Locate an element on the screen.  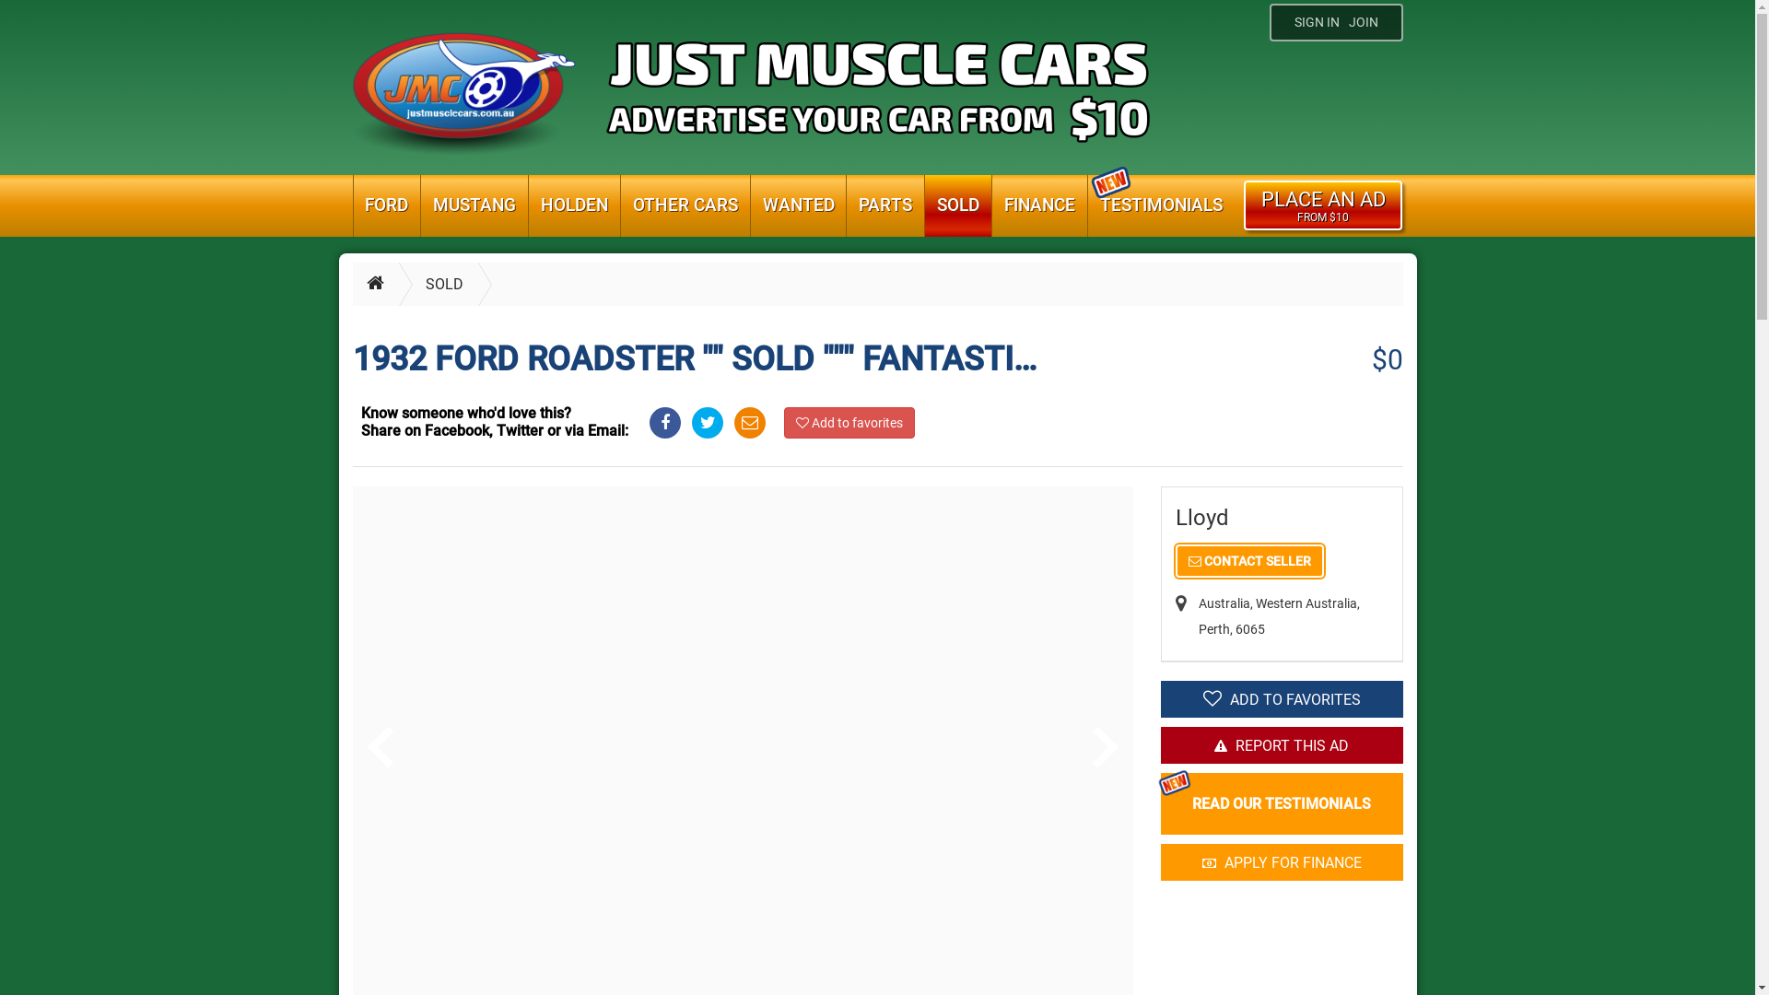
'REPORT THIS AD' is located at coordinates (1159, 744).